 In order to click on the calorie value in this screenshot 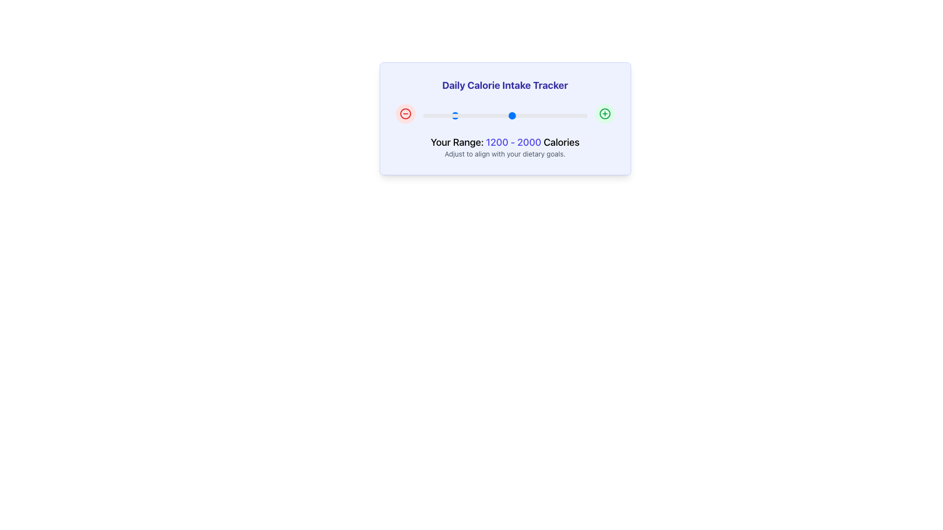, I will do `click(512, 115)`.